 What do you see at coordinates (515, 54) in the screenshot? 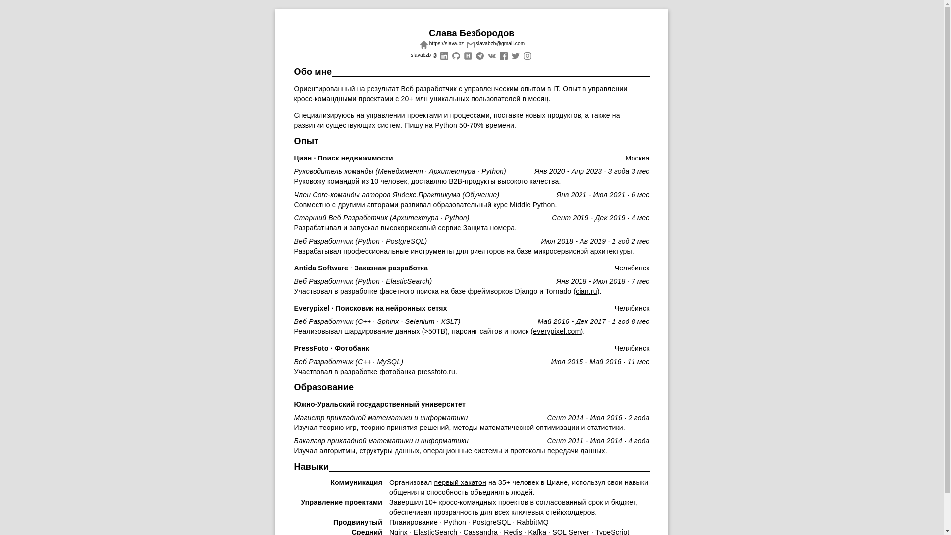
I see `'slavabzb'` at bounding box center [515, 54].